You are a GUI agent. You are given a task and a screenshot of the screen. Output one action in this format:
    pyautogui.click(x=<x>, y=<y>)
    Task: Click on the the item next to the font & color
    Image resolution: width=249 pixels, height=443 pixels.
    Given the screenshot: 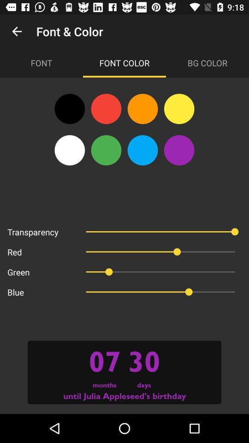 What is the action you would take?
    pyautogui.click(x=17, y=31)
    